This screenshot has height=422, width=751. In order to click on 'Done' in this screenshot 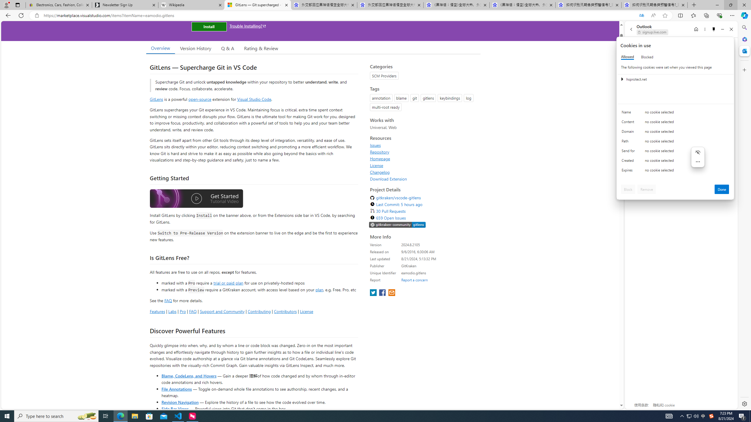, I will do `click(722, 189)`.